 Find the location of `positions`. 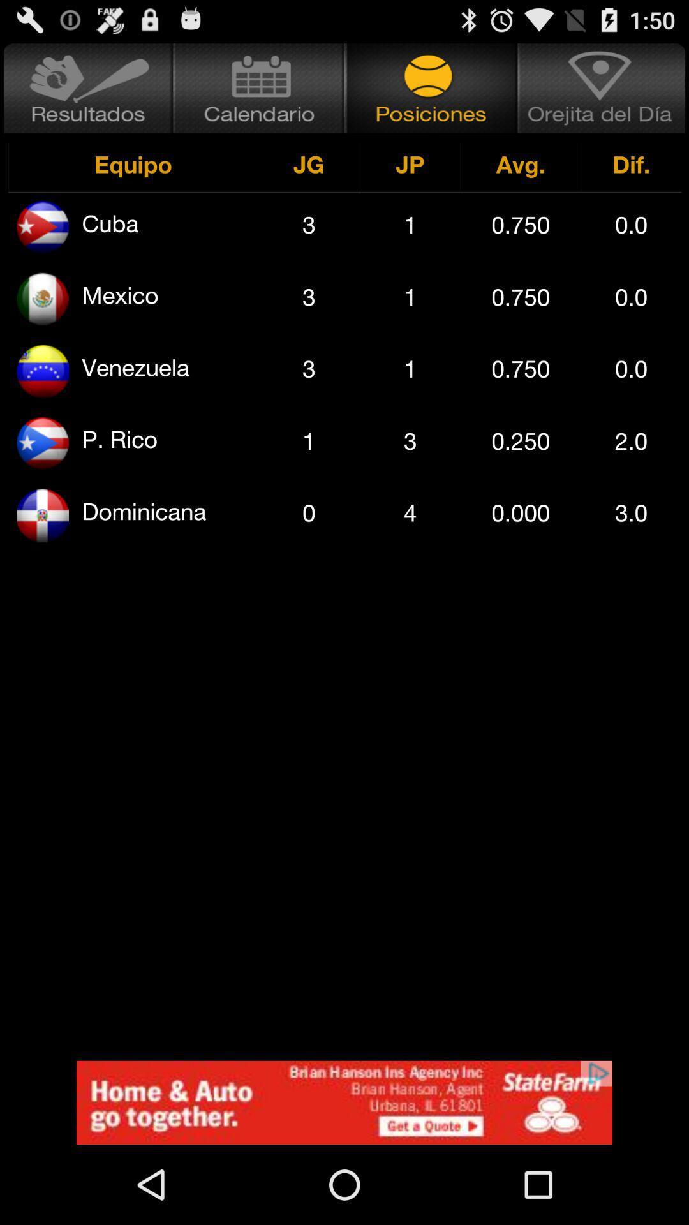

positions is located at coordinates (431, 87).